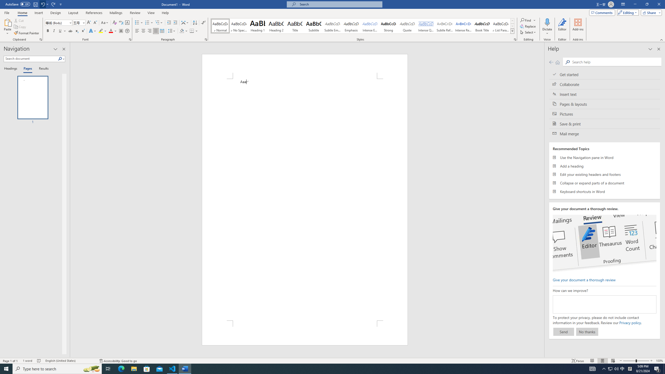 The height and width of the screenshot is (374, 665). I want to click on 'Font Color', so click(112, 31).